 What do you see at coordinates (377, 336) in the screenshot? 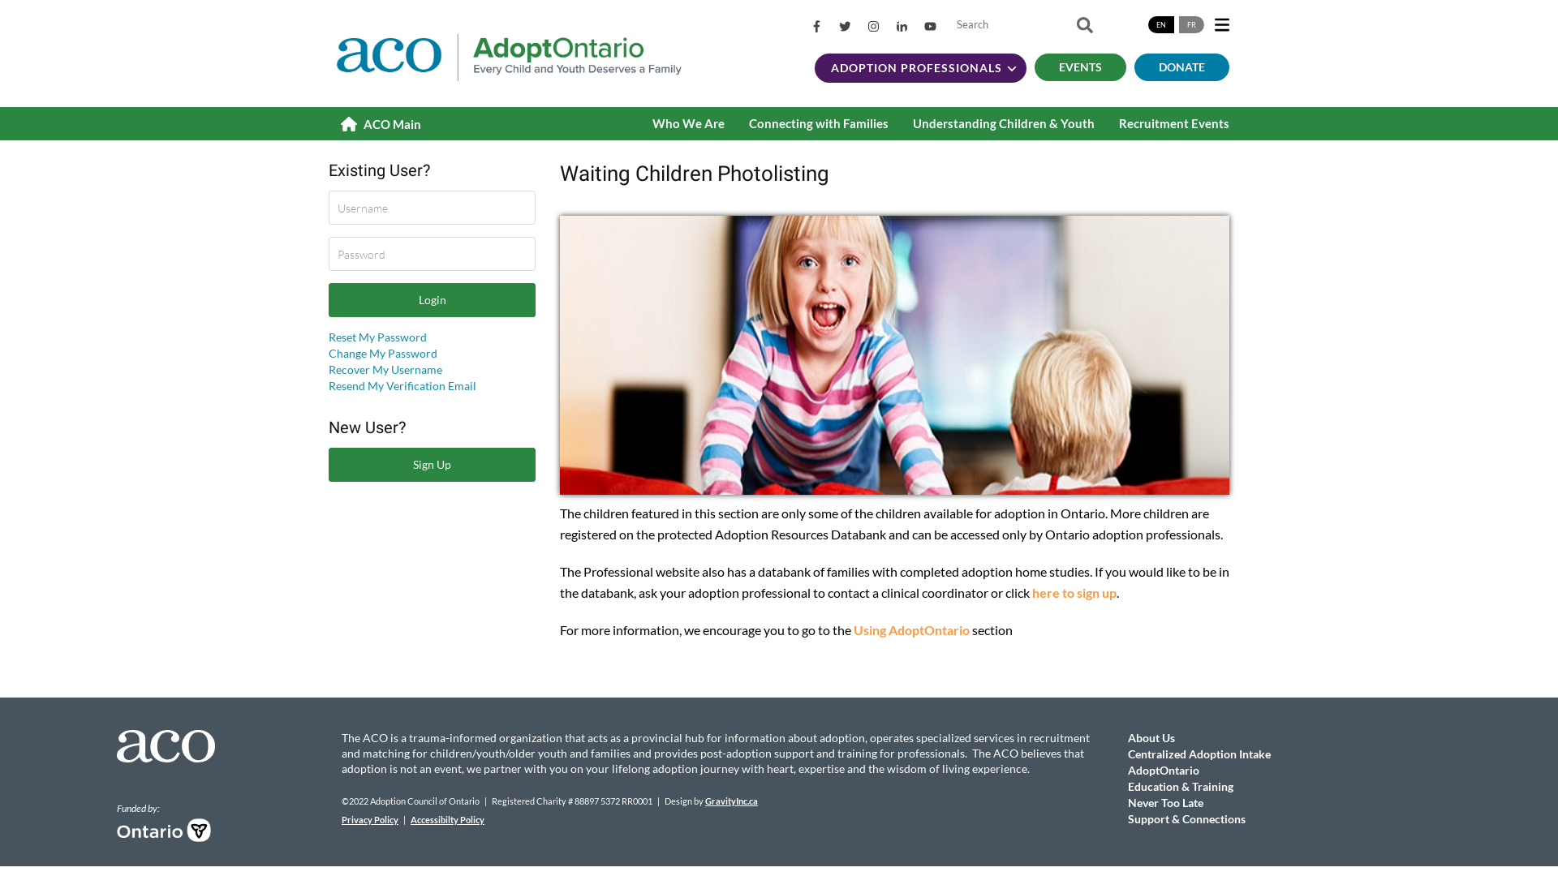
I see `'Reset My Password'` at bounding box center [377, 336].